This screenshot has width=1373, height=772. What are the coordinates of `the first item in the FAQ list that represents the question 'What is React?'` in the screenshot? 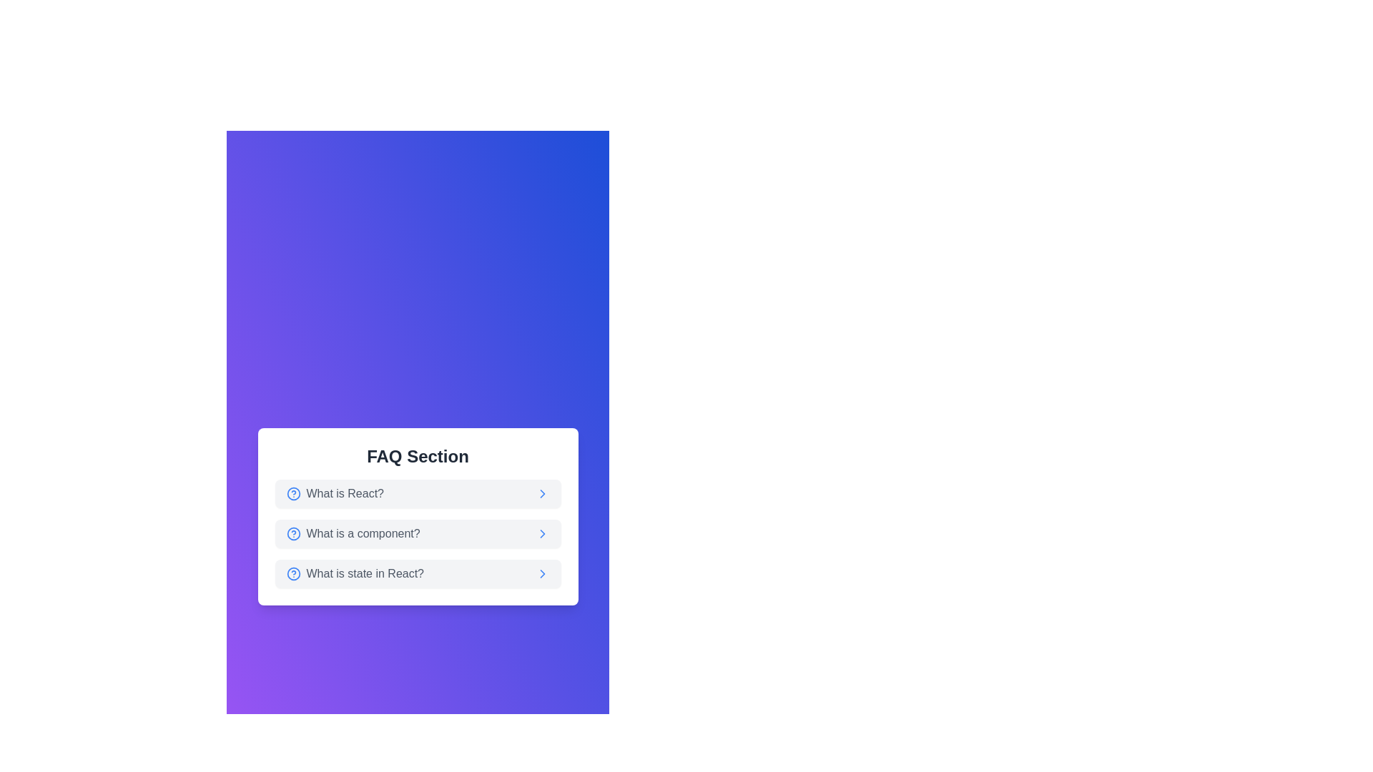 It's located at (417, 493).